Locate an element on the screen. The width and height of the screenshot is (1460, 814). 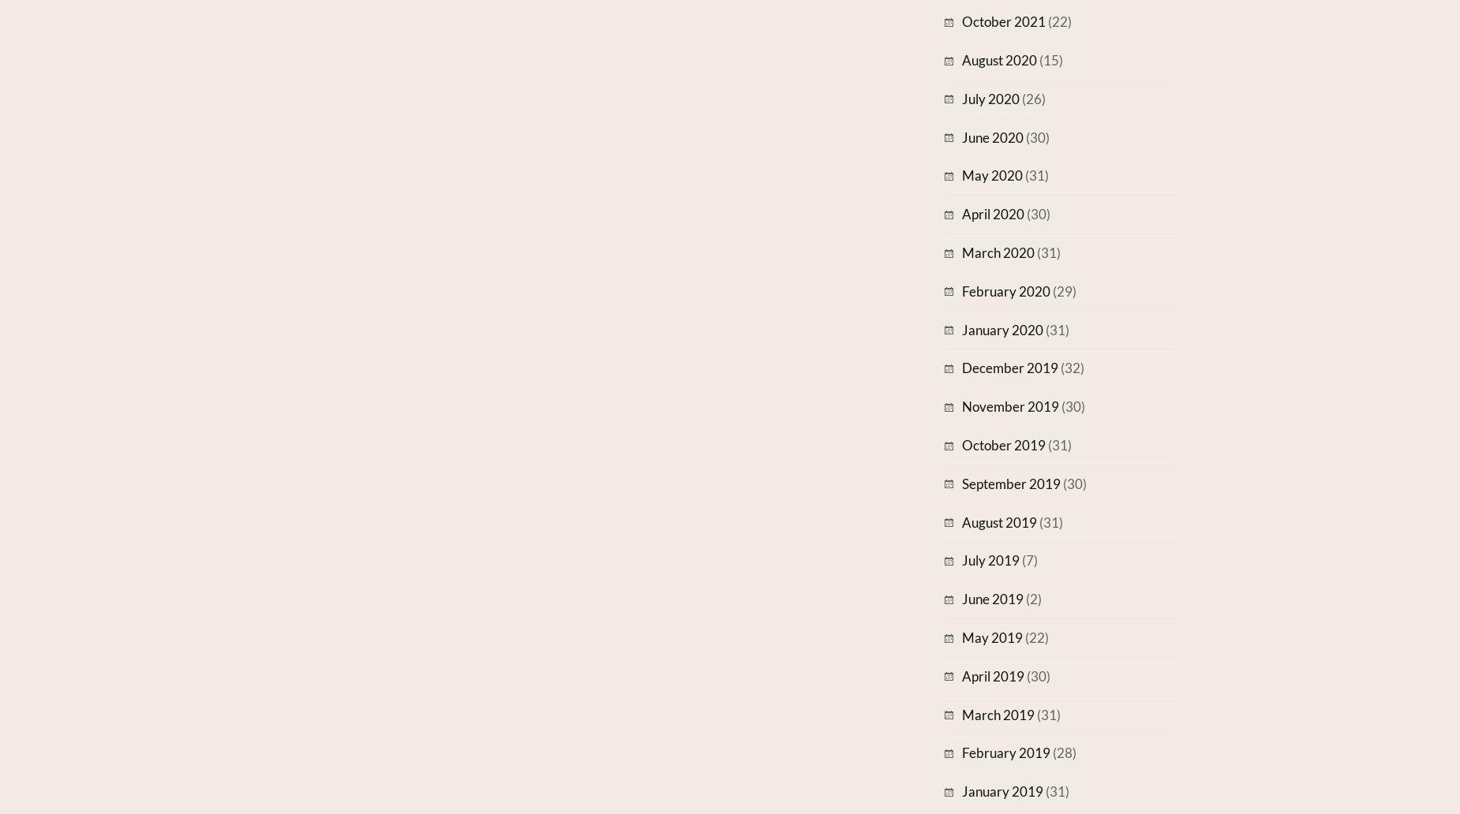
'July 2020' is located at coordinates (960, 98).